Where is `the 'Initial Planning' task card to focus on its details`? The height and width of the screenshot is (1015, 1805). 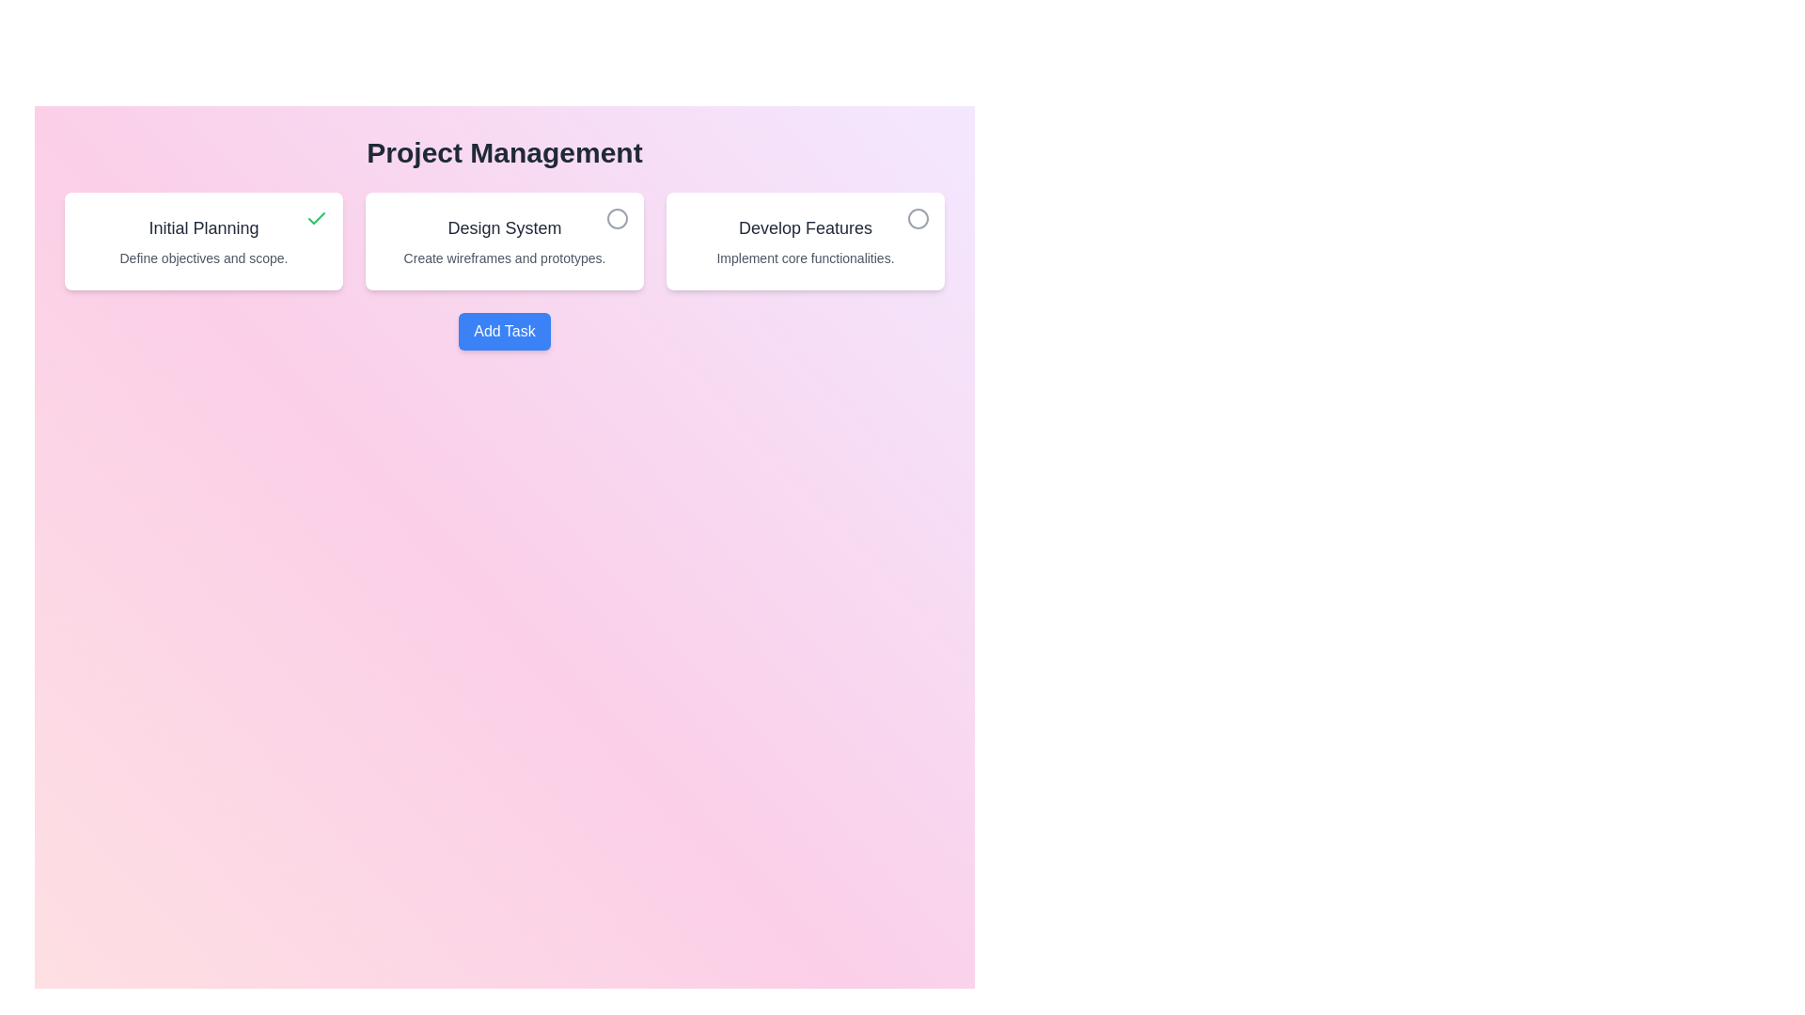 the 'Initial Planning' task card to focus on its details is located at coordinates (203, 241).